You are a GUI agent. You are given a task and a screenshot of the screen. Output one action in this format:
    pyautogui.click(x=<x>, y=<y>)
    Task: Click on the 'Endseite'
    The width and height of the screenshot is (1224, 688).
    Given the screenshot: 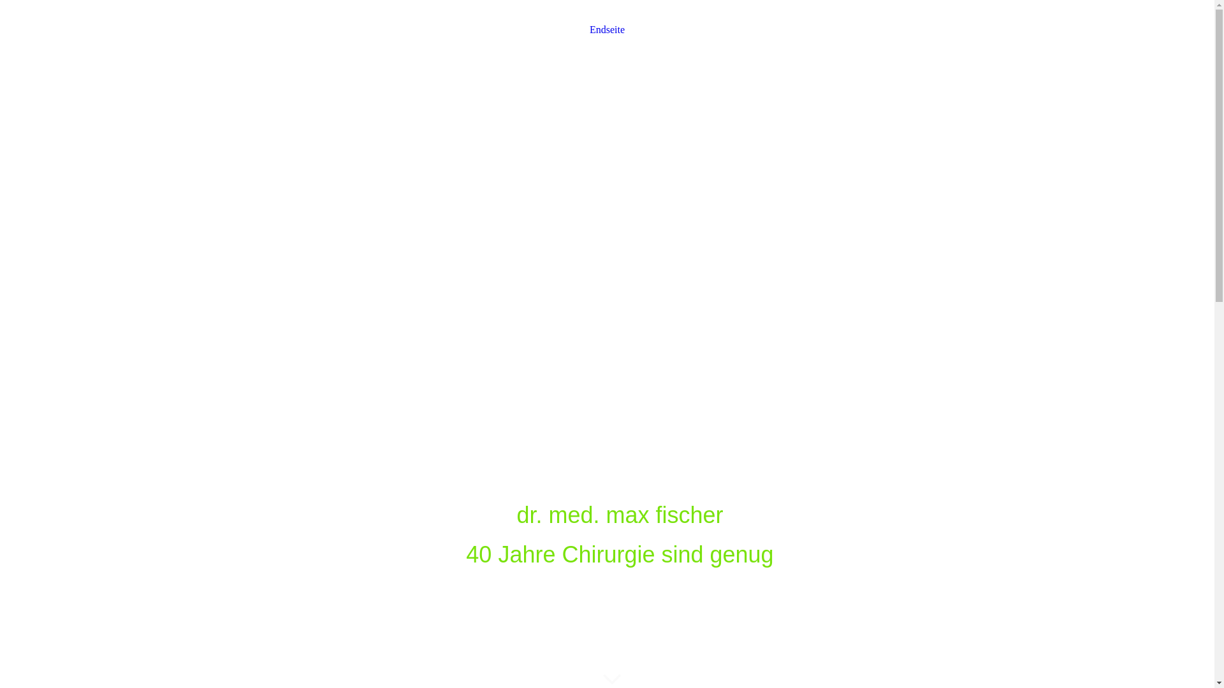 What is the action you would take?
    pyautogui.click(x=606, y=32)
    